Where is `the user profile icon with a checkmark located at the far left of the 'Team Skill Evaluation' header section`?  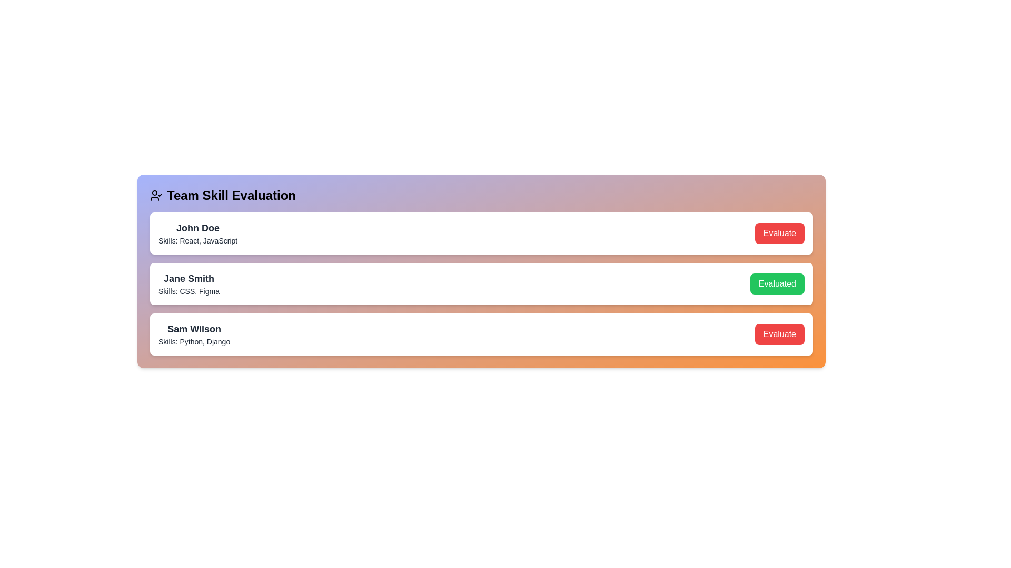
the user profile icon with a checkmark located at the far left of the 'Team Skill Evaluation' header section is located at coordinates (156, 195).